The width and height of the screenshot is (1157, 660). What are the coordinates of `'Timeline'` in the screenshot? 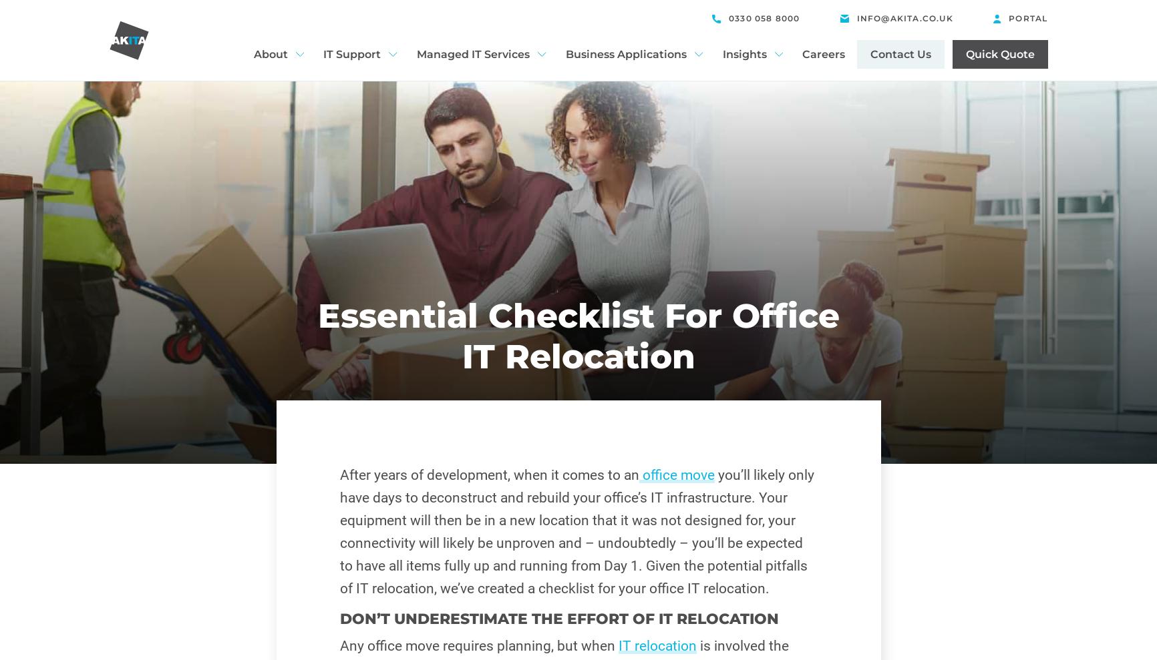 It's located at (279, 130).